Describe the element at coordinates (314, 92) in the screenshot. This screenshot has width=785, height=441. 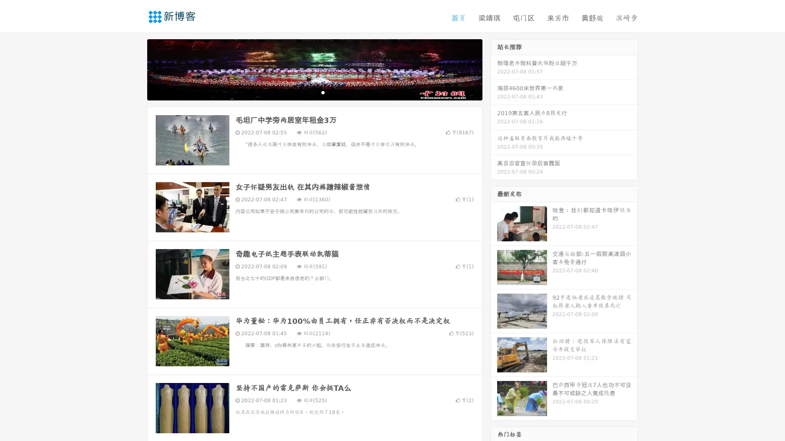
I see `Go to slide 2` at that location.